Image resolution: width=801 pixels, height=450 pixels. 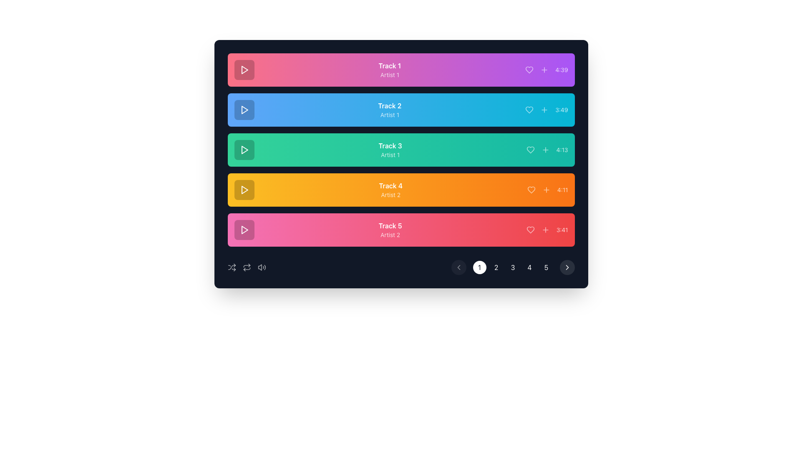 What do you see at coordinates (244, 149) in the screenshot?
I see `the play button located centrally within the green bar associated with 'Track 3' to play the track` at bounding box center [244, 149].